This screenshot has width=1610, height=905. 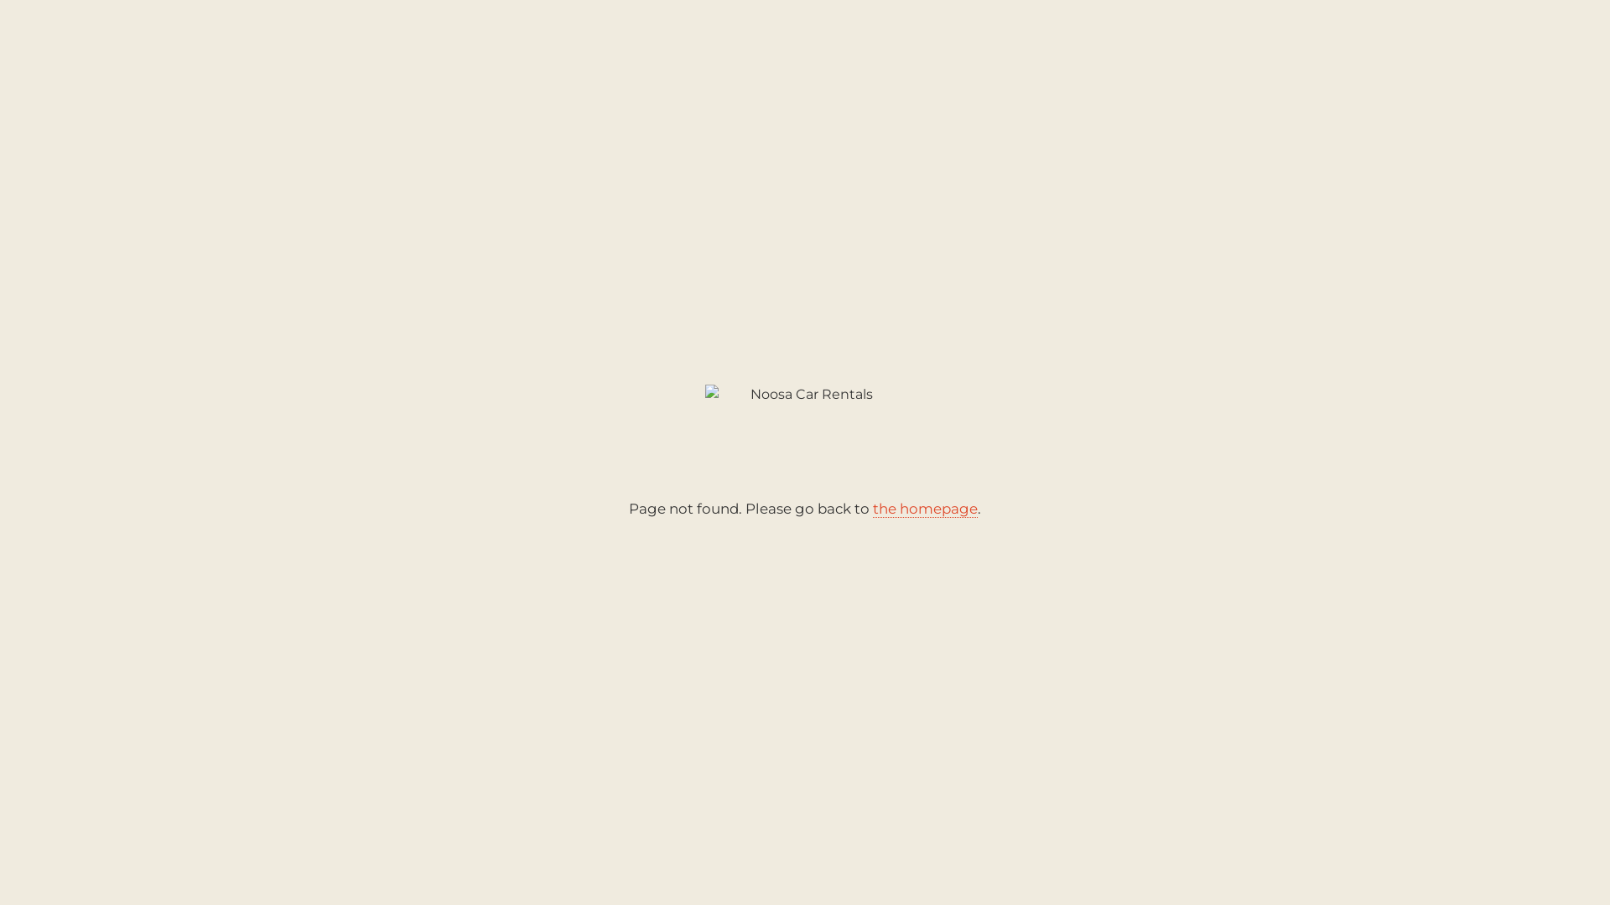 I want to click on 'the homepage', so click(x=924, y=508).